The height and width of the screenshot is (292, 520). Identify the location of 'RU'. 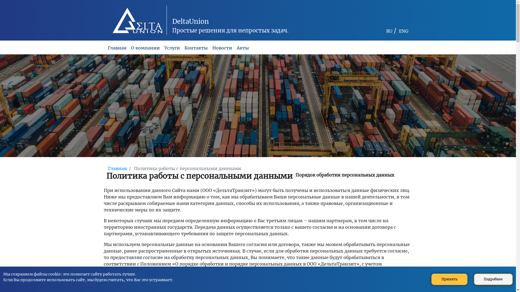
(386, 31).